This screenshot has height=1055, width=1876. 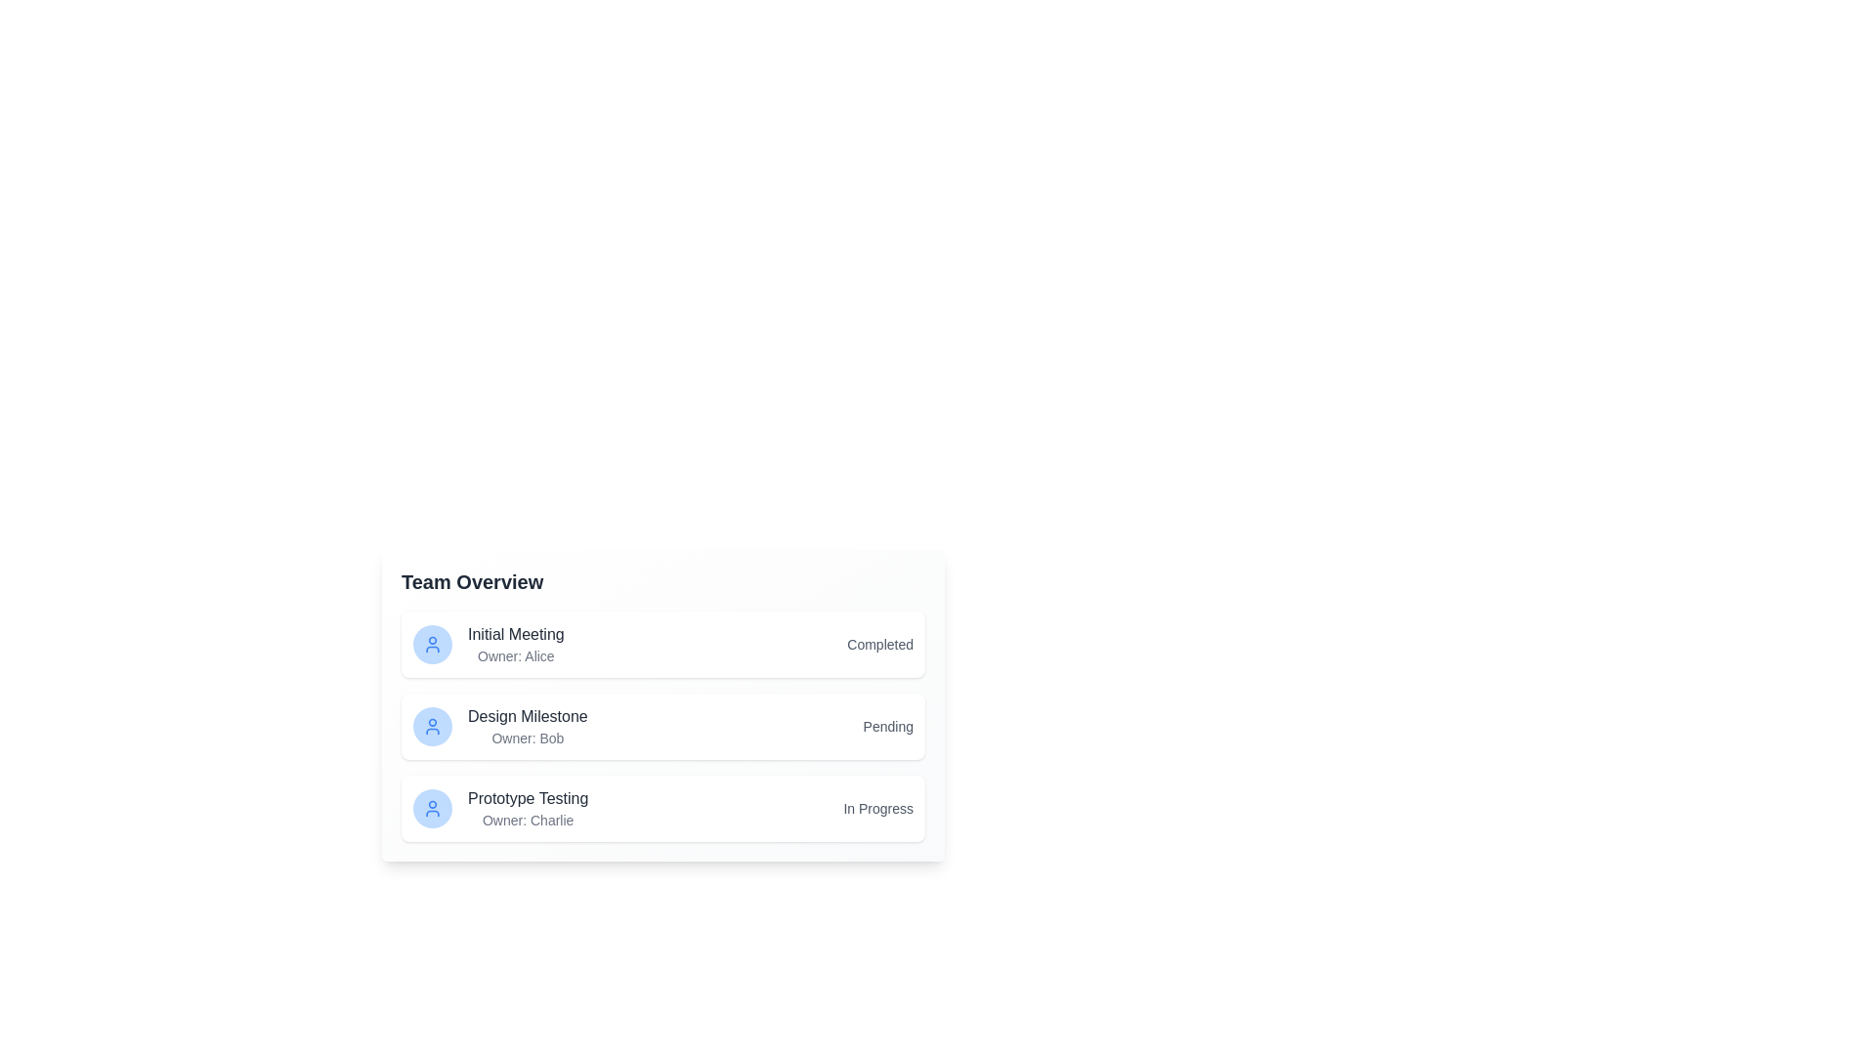 What do you see at coordinates (431, 727) in the screenshot?
I see `the circular icon representing the owner of the 'Design Milestone' task, located at the beginning of the row titled 'Design Milestone'` at bounding box center [431, 727].